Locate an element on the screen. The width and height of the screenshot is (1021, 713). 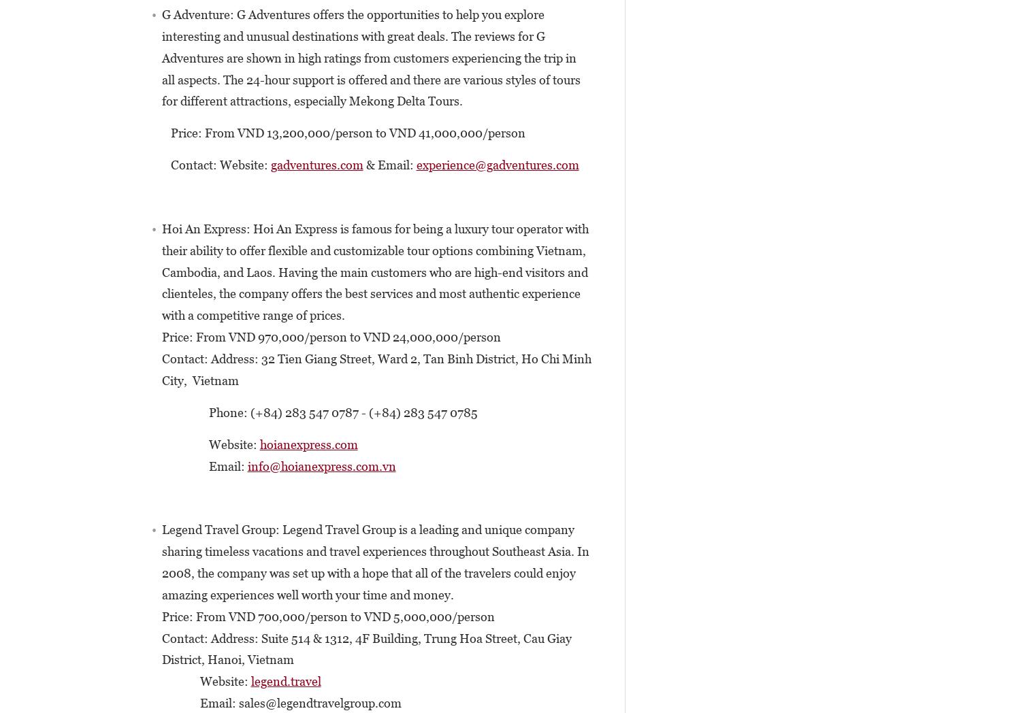
'Contact: Address: Suite 514 & 1312, 4F Building, Trung Hoa Street, Cau Giay District, Hanoi, Vietnam' is located at coordinates (366, 648).